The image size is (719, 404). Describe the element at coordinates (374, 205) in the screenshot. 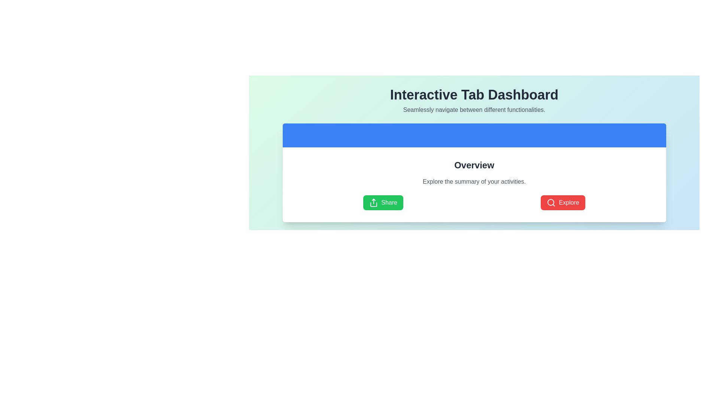

I see `the curved rectangular outline of the share icon component located below the upward arrow and above the caption text in the share button on the left section of the action panel` at that location.